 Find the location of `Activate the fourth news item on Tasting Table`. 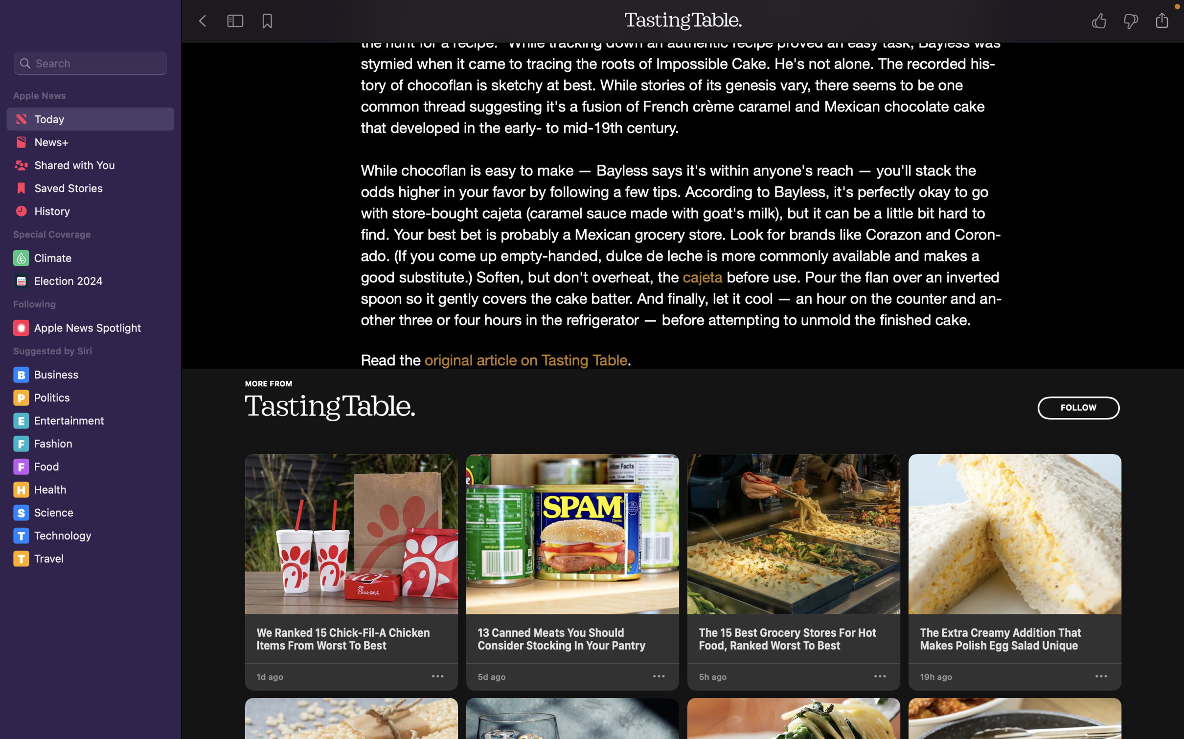

Activate the fourth news item on Tasting Table is located at coordinates (1014, 559).